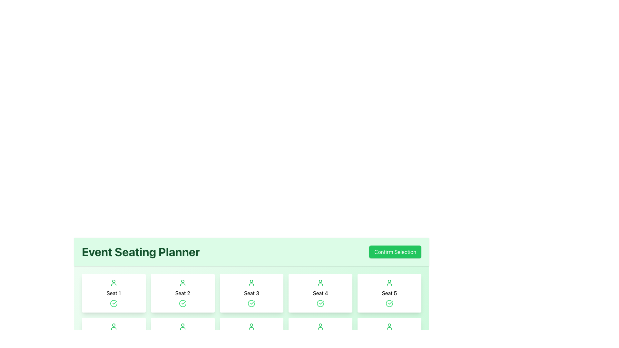 This screenshot has width=619, height=348. I want to click on the non-interactive confirmation icon located below the label 'Seat 2' within the card labeled 'Seat 2', so click(182, 303).